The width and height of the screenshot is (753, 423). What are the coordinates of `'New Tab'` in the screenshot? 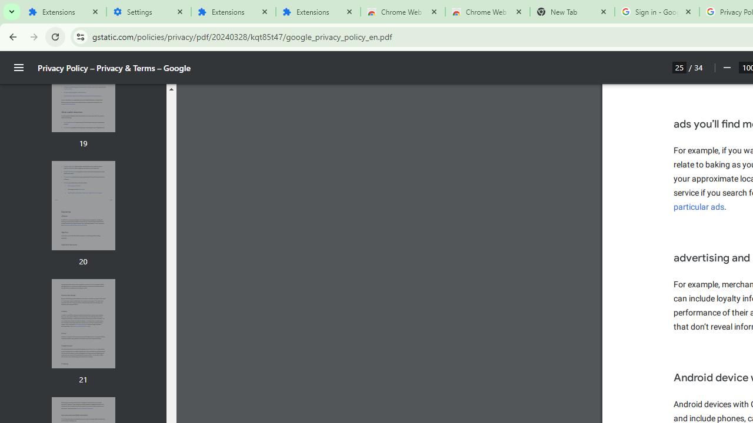 It's located at (572, 12).